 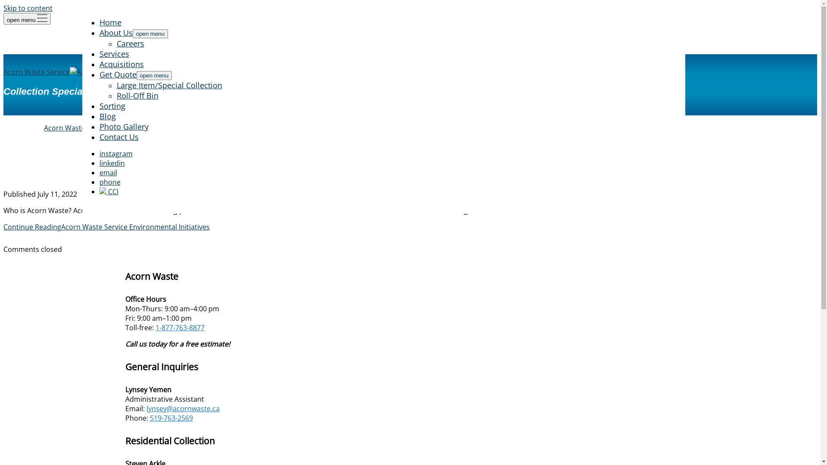 What do you see at coordinates (99, 153) in the screenshot?
I see `'instagram'` at bounding box center [99, 153].